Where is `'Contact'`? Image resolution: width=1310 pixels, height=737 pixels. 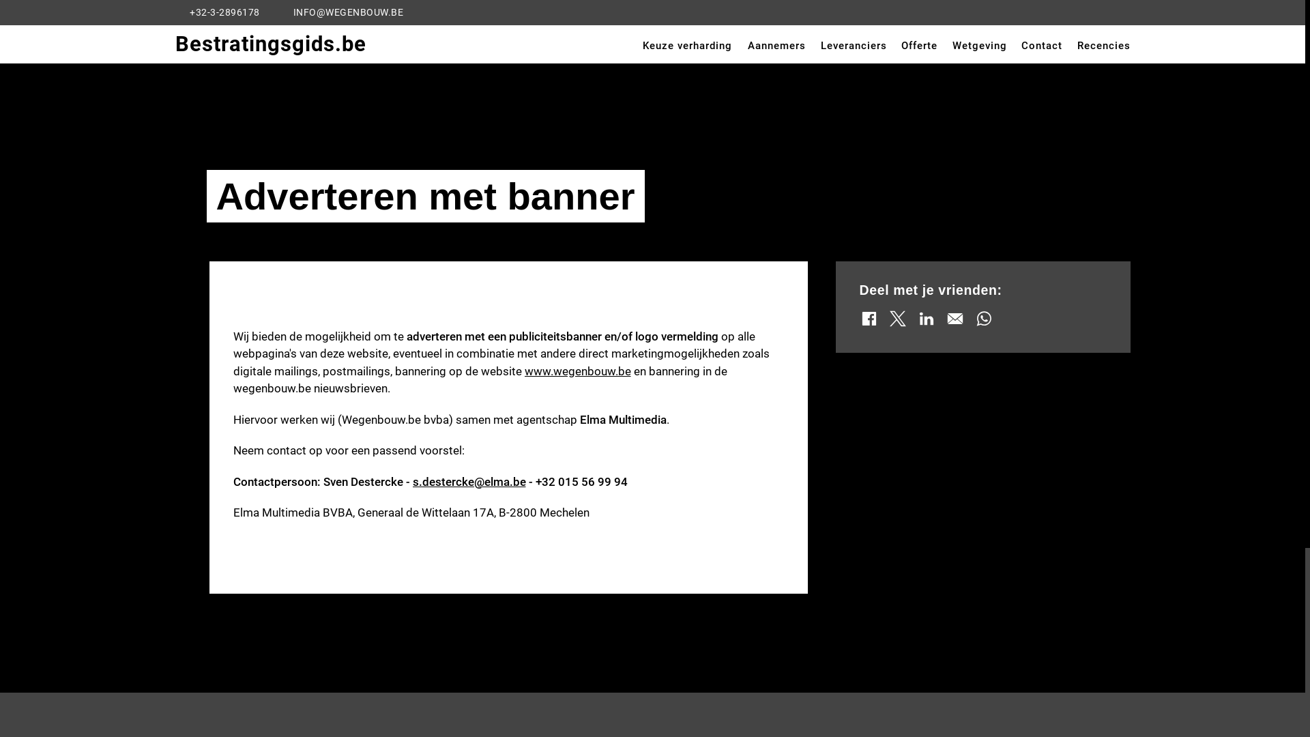
'Contact' is located at coordinates (1040, 46).